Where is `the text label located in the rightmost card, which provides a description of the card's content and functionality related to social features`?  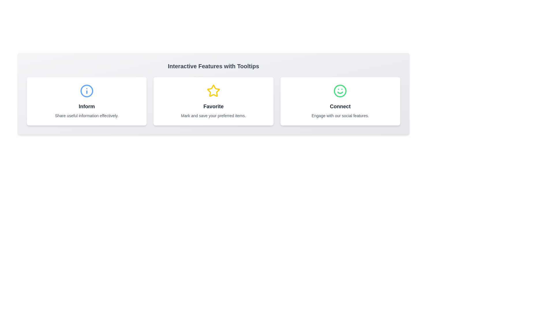 the text label located in the rightmost card, which provides a description of the card's content and functionality related to social features is located at coordinates (340, 107).